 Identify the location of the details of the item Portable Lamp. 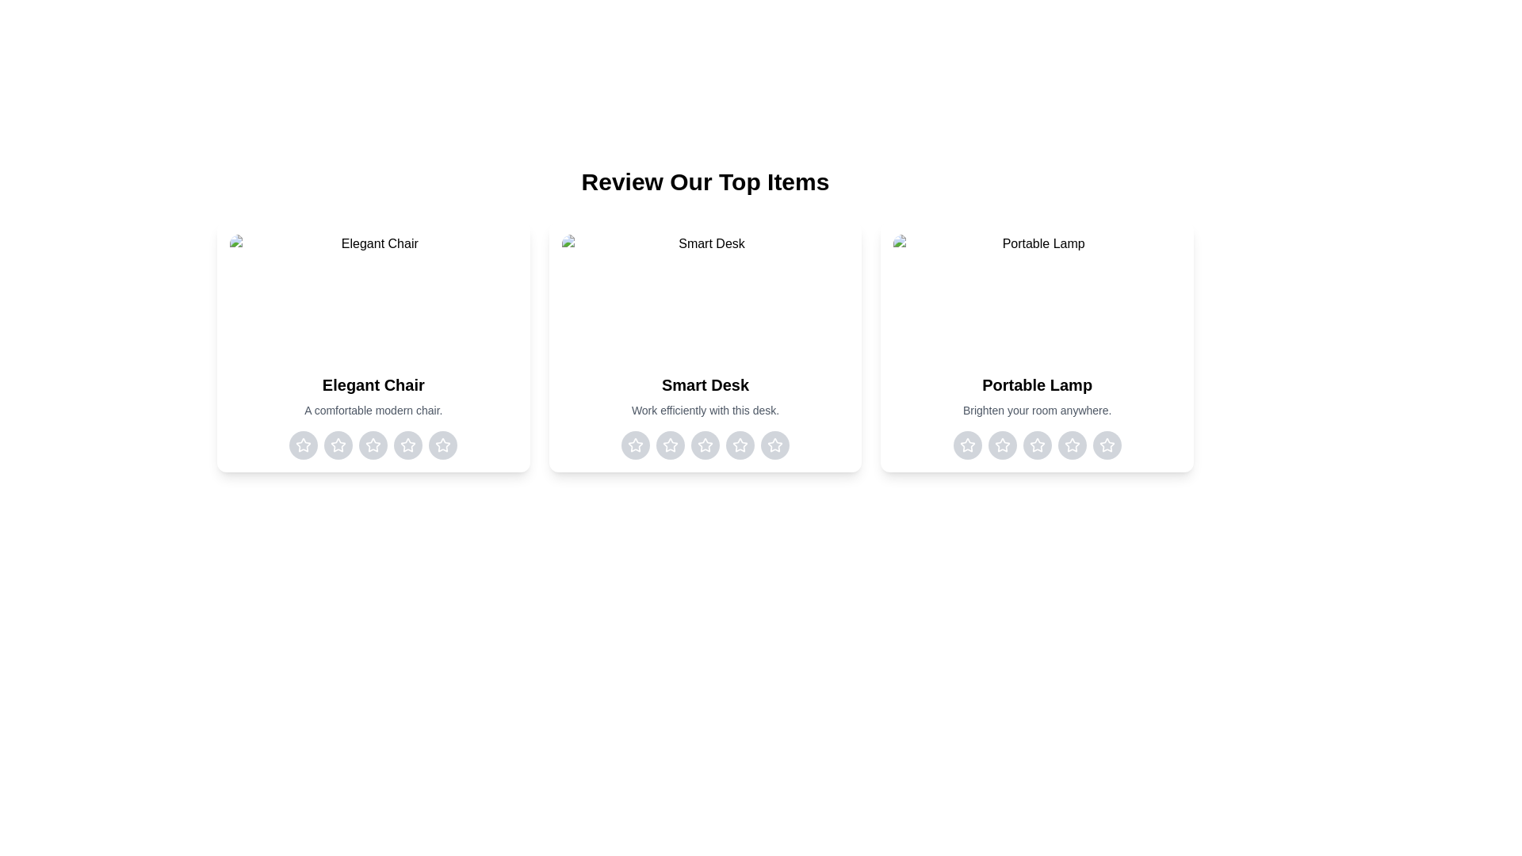
(1038, 346).